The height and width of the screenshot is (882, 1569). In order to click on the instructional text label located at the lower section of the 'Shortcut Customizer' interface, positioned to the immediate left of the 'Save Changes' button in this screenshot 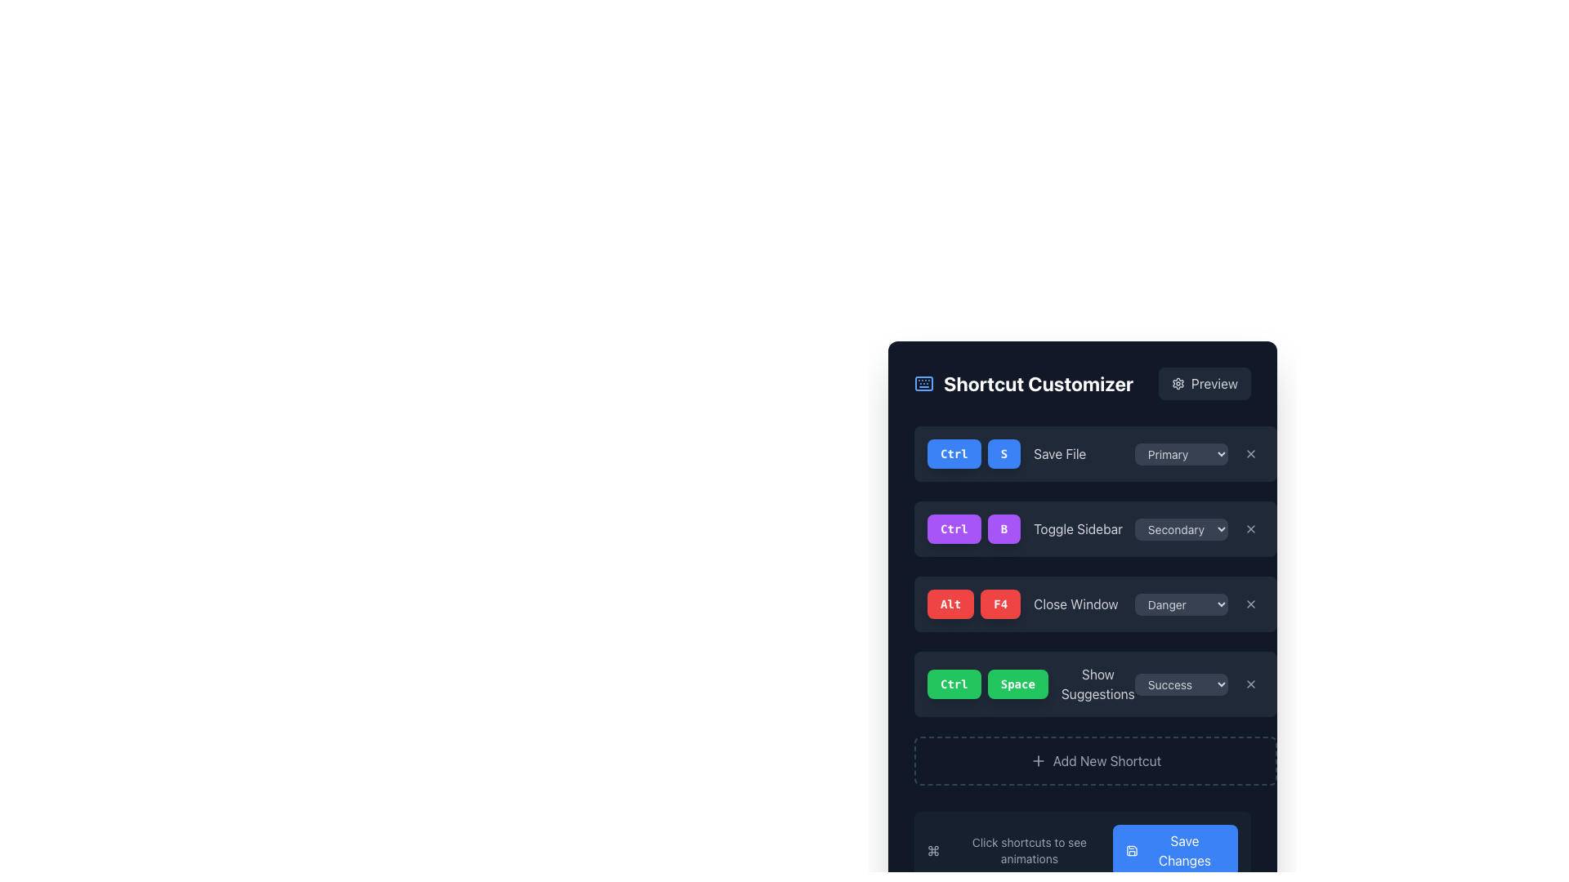, I will do `click(1028, 849)`.